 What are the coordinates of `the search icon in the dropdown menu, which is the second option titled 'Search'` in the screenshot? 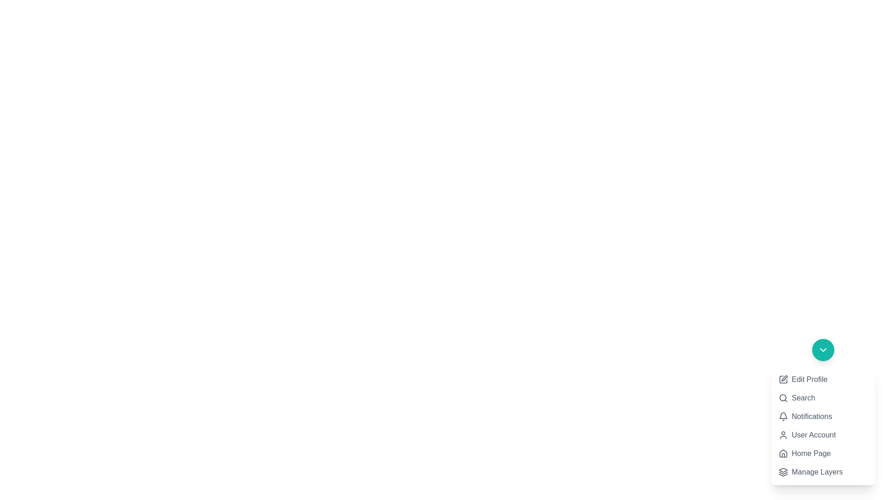 It's located at (782, 398).